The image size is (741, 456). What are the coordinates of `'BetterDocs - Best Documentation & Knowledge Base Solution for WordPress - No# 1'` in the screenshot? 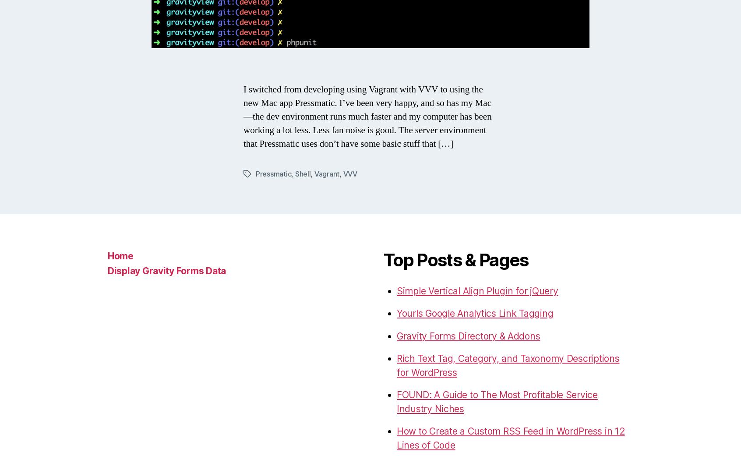 It's located at (499, 160).